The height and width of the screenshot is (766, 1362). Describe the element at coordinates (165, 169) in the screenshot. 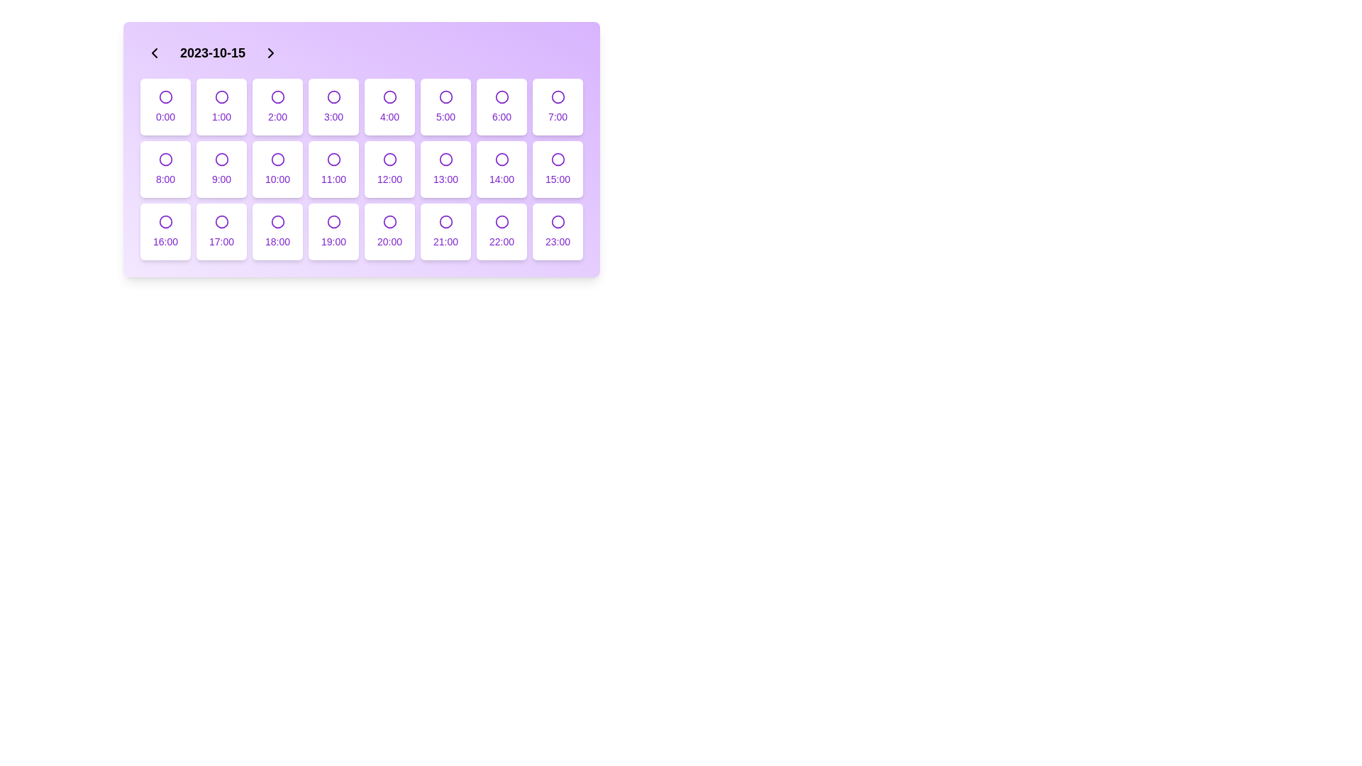

I see `the clickable button located in the grid layout, specifically in the second row and first column` at that location.